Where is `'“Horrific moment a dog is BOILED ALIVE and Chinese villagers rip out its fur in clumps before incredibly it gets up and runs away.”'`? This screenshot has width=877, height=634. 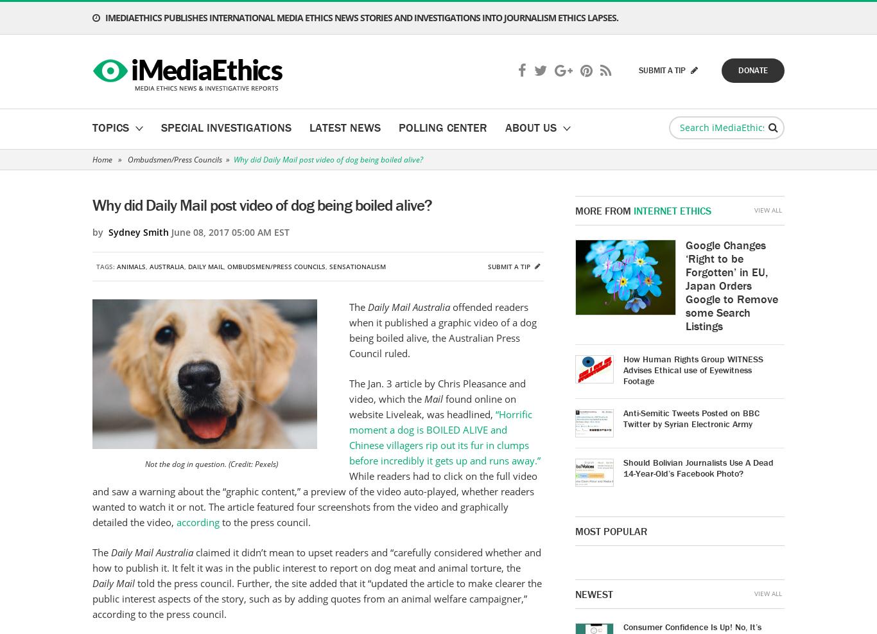 '“Horrific moment a dog is BOILED ALIVE and Chinese villagers rip out its fur in clumps before incredibly it gets up and runs away.”' is located at coordinates (444, 437).